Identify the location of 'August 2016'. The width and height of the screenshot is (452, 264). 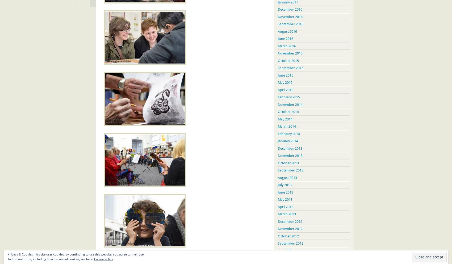
(287, 31).